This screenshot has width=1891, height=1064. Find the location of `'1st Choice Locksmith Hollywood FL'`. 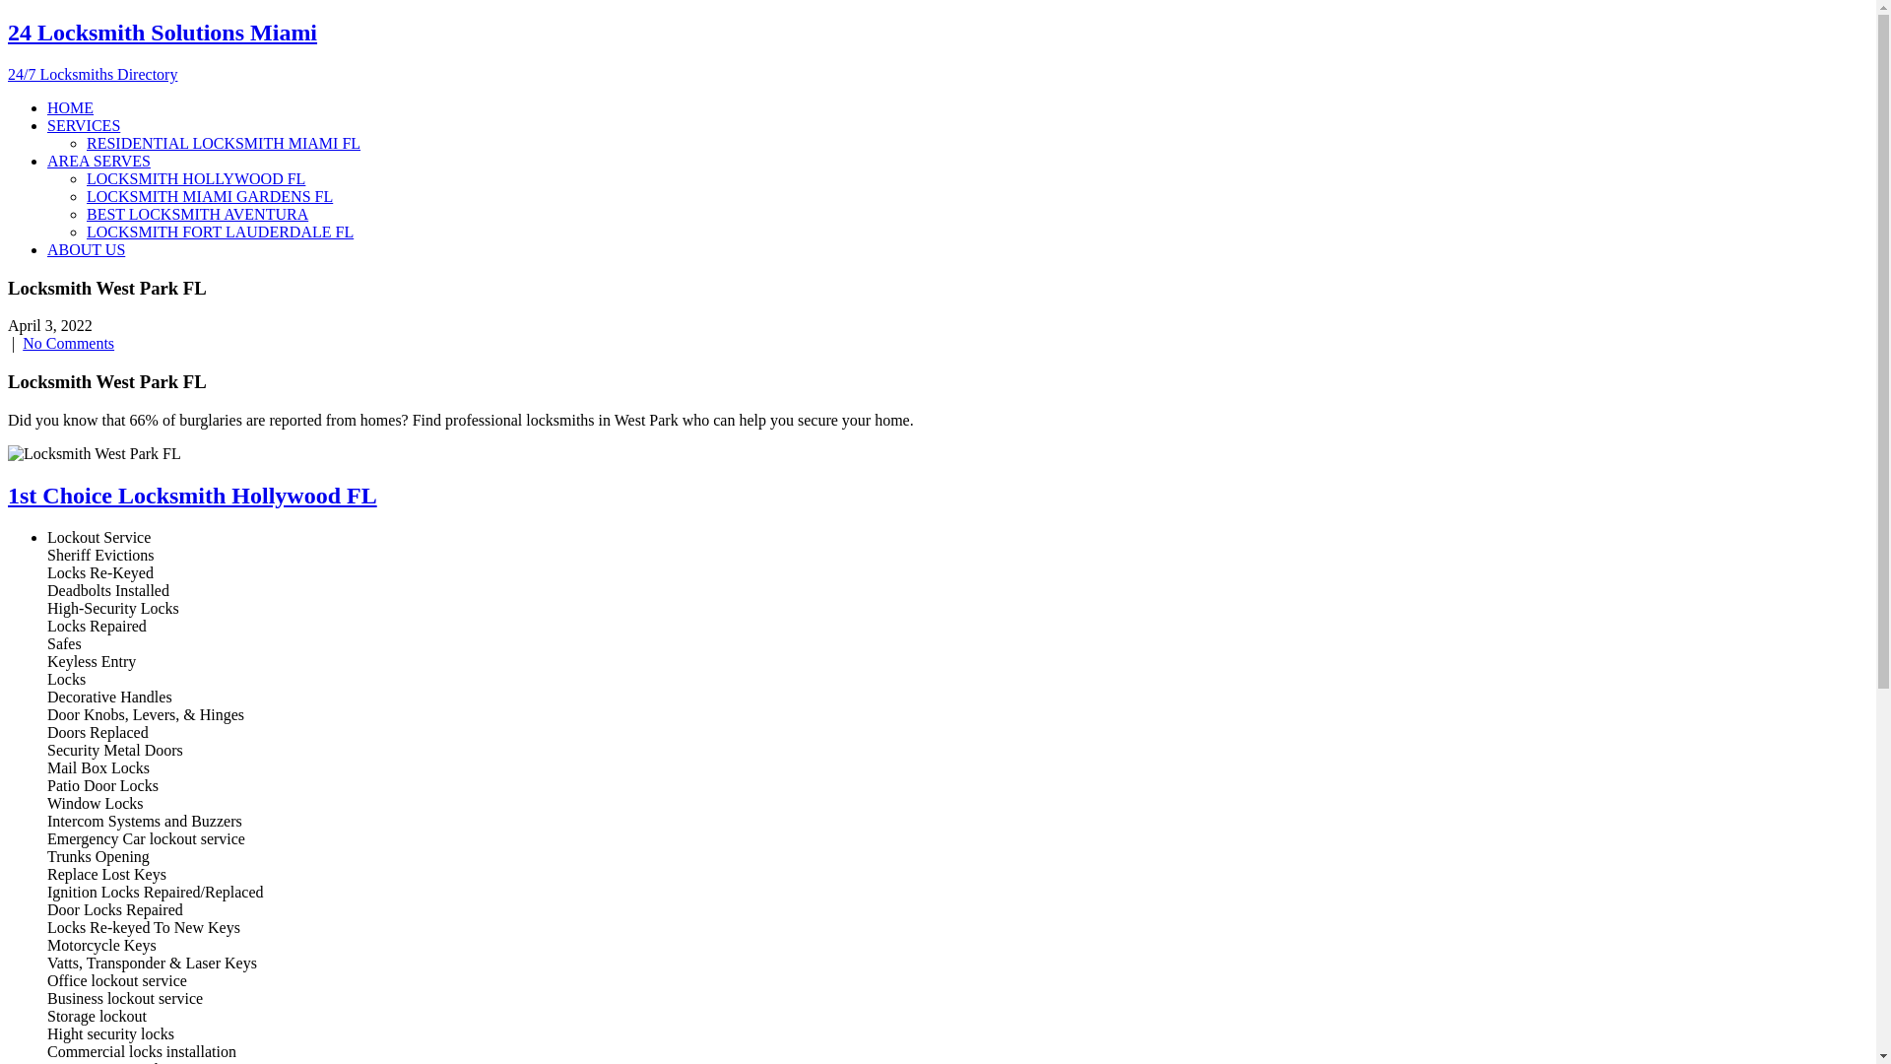

'1st Choice Locksmith Hollywood FL' is located at coordinates (192, 494).